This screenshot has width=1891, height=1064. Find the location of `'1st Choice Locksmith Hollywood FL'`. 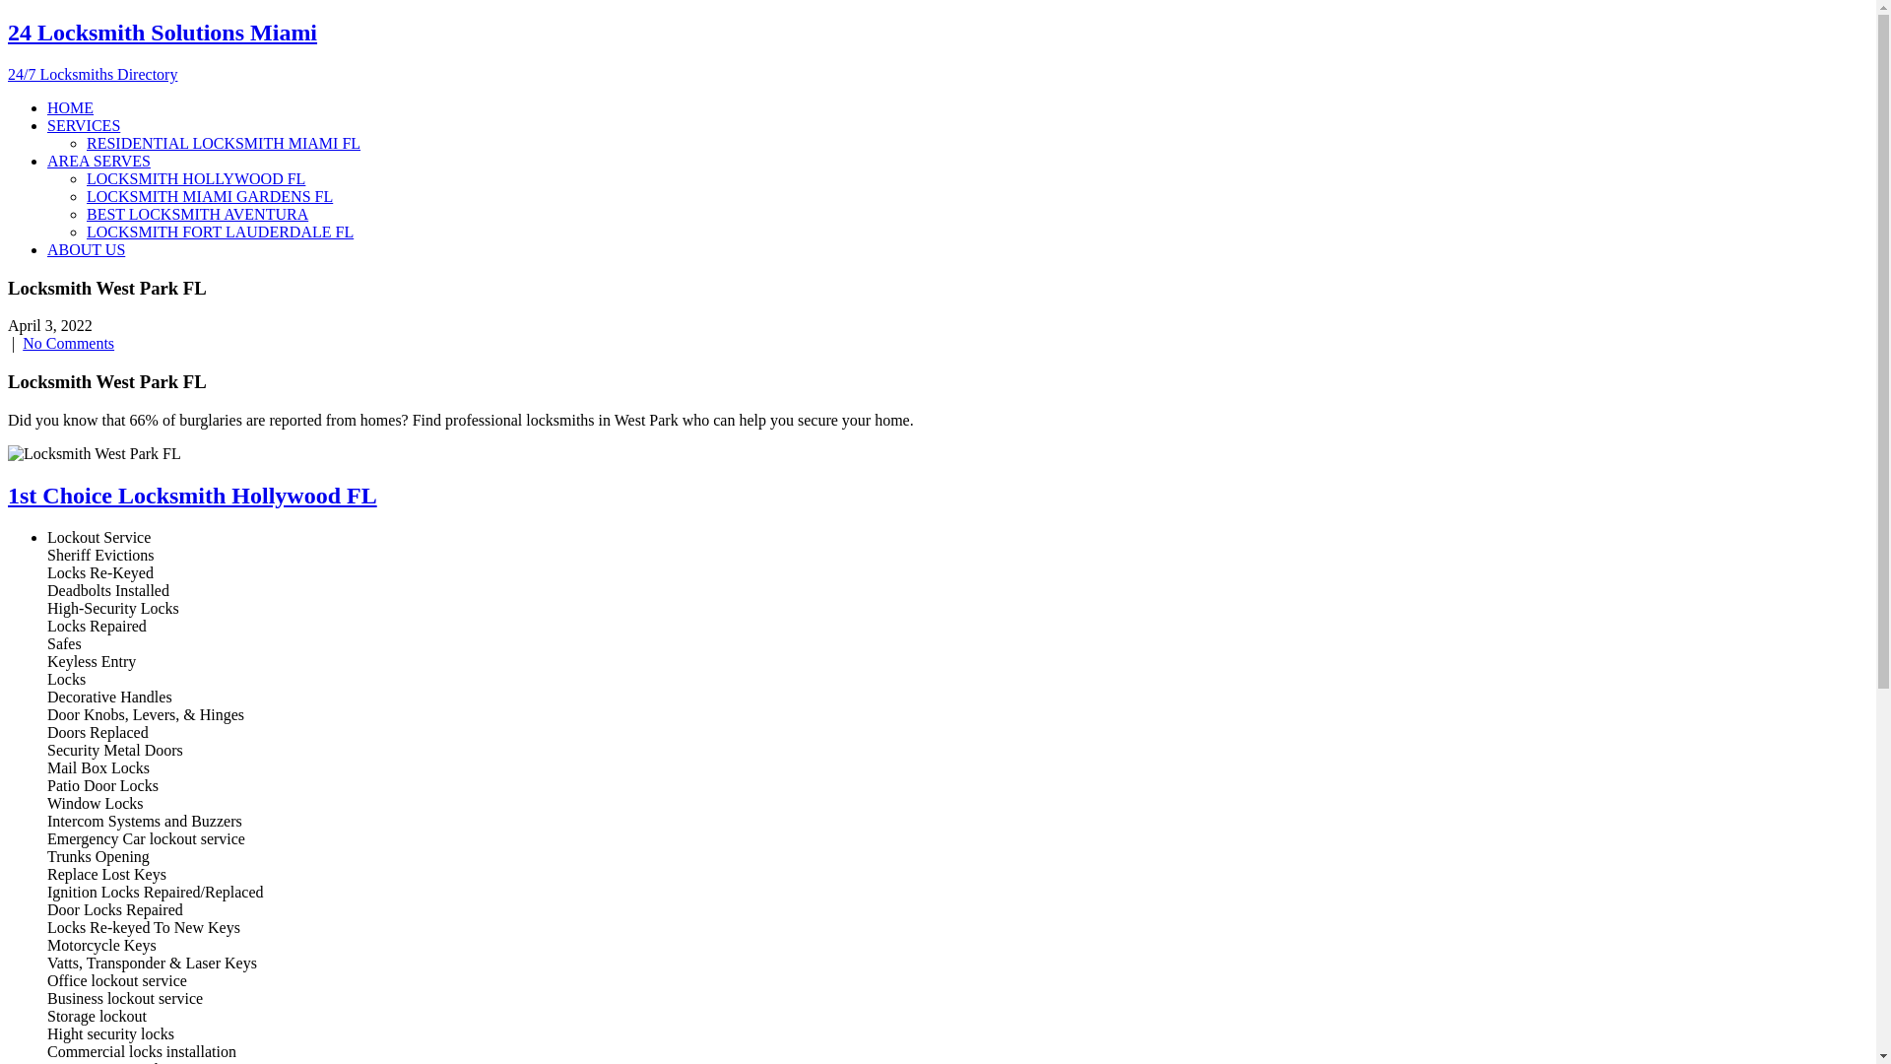

'1st Choice Locksmith Hollywood FL' is located at coordinates (192, 494).